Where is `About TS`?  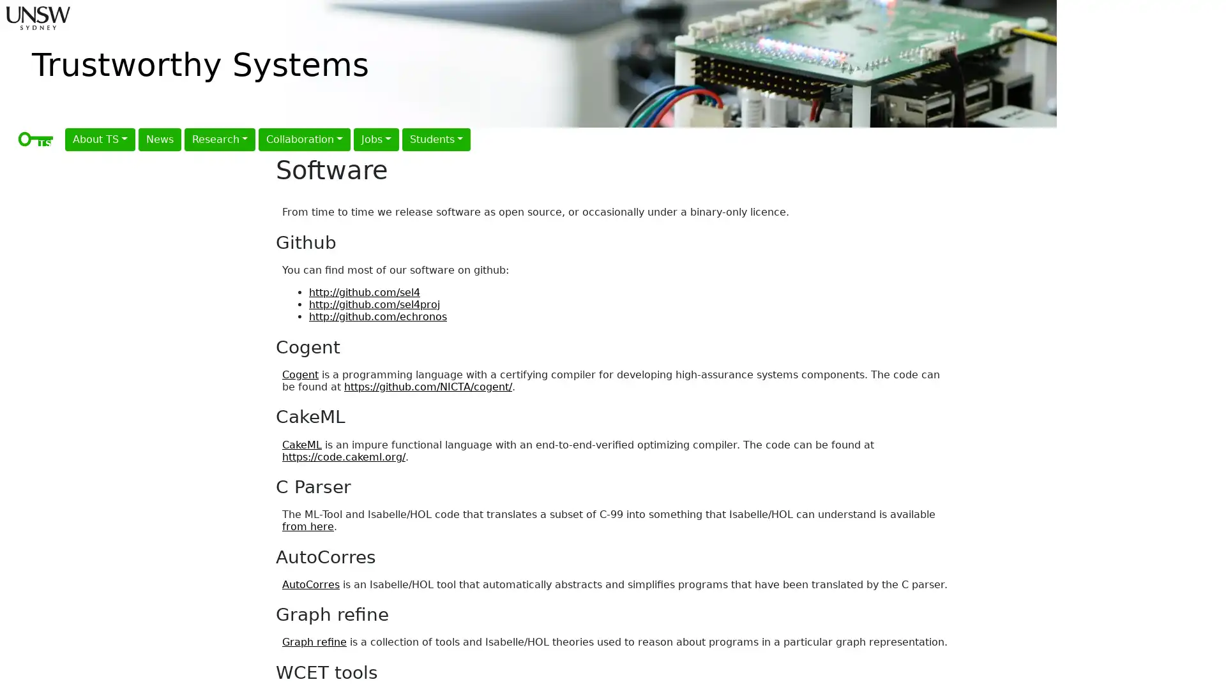 About TS is located at coordinates (99, 139).